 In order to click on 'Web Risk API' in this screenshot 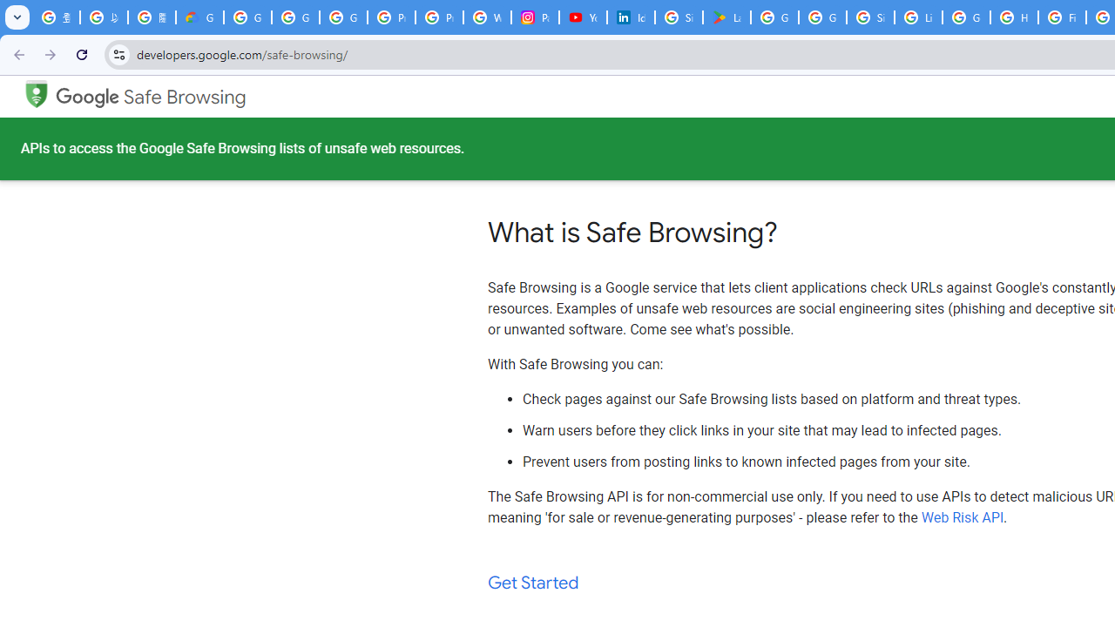, I will do `click(962, 516)`.